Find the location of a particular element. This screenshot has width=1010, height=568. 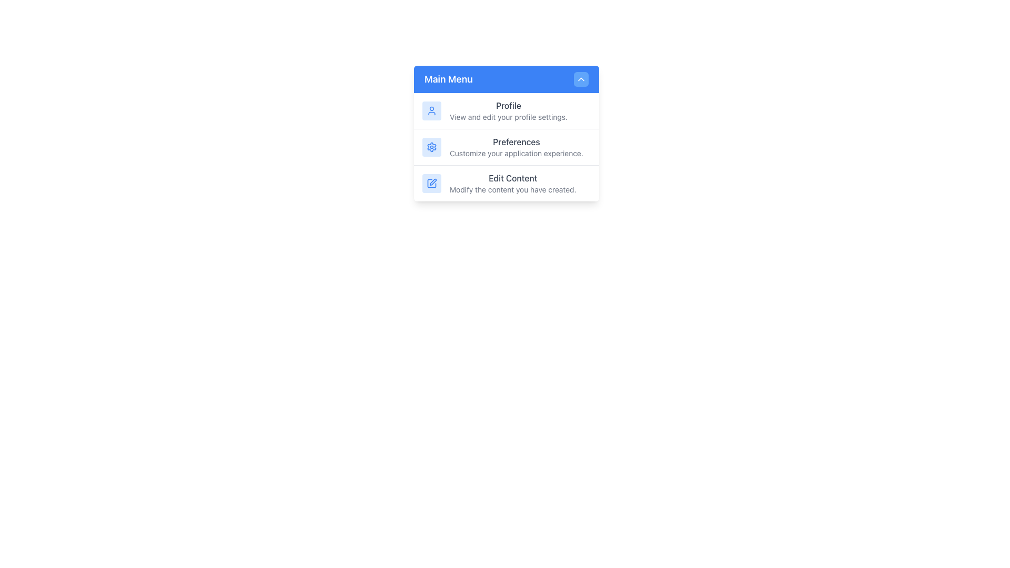

the stylized pen icon within the dropdown menu is located at coordinates (433, 181).